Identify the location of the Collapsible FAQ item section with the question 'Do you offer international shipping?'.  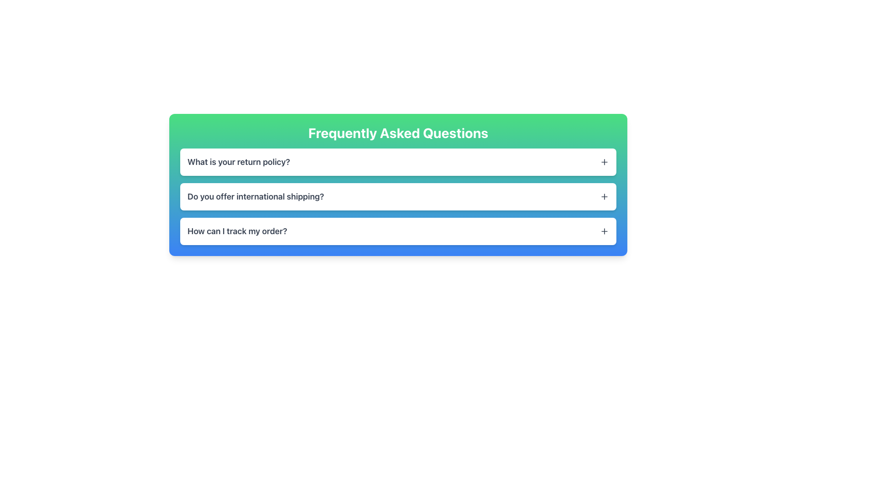
(398, 196).